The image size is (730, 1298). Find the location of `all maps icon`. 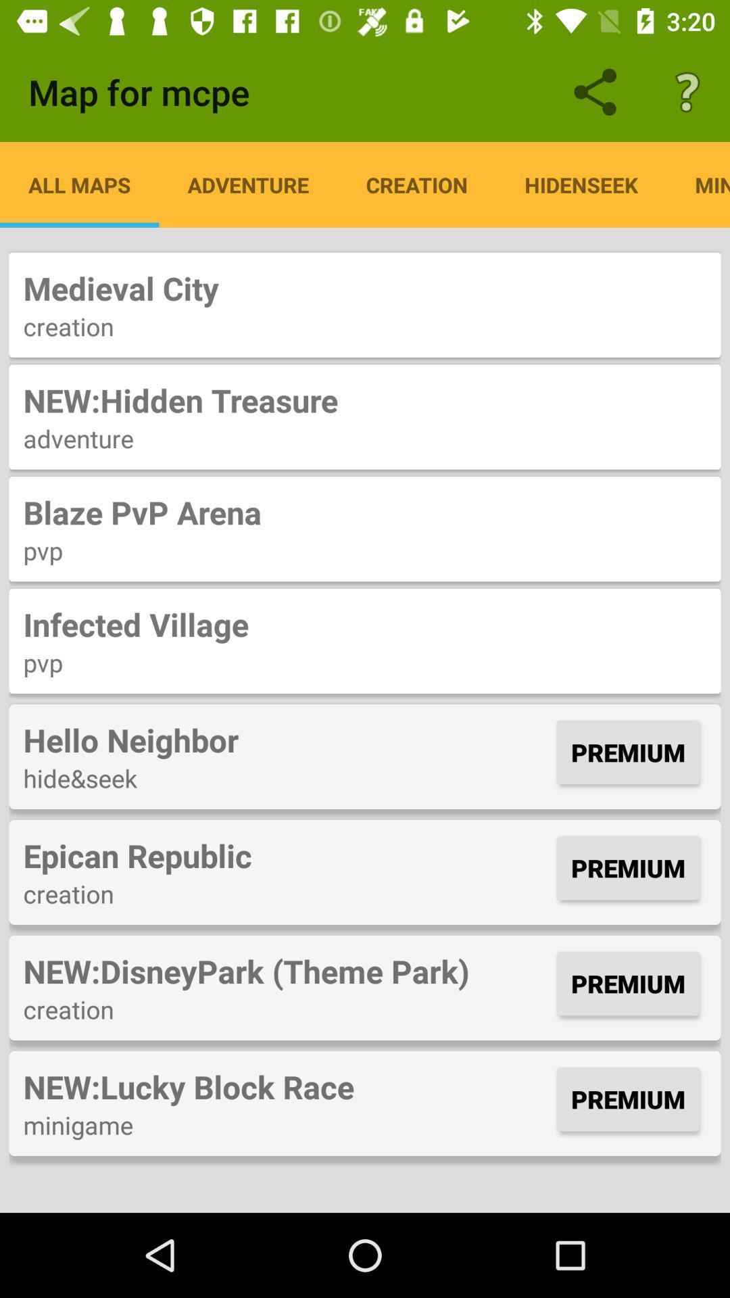

all maps icon is located at coordinates (79, 184).